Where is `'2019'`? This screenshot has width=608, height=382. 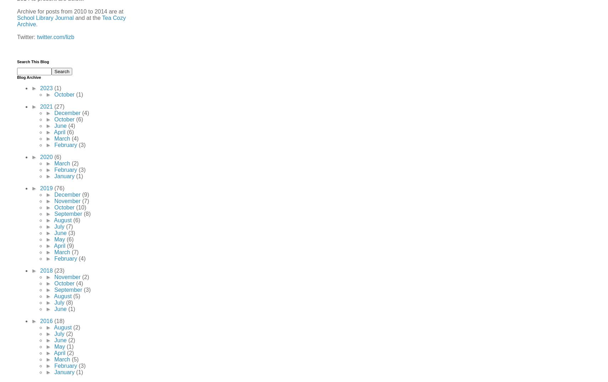 '2019' is located at coordinates (46, 188).